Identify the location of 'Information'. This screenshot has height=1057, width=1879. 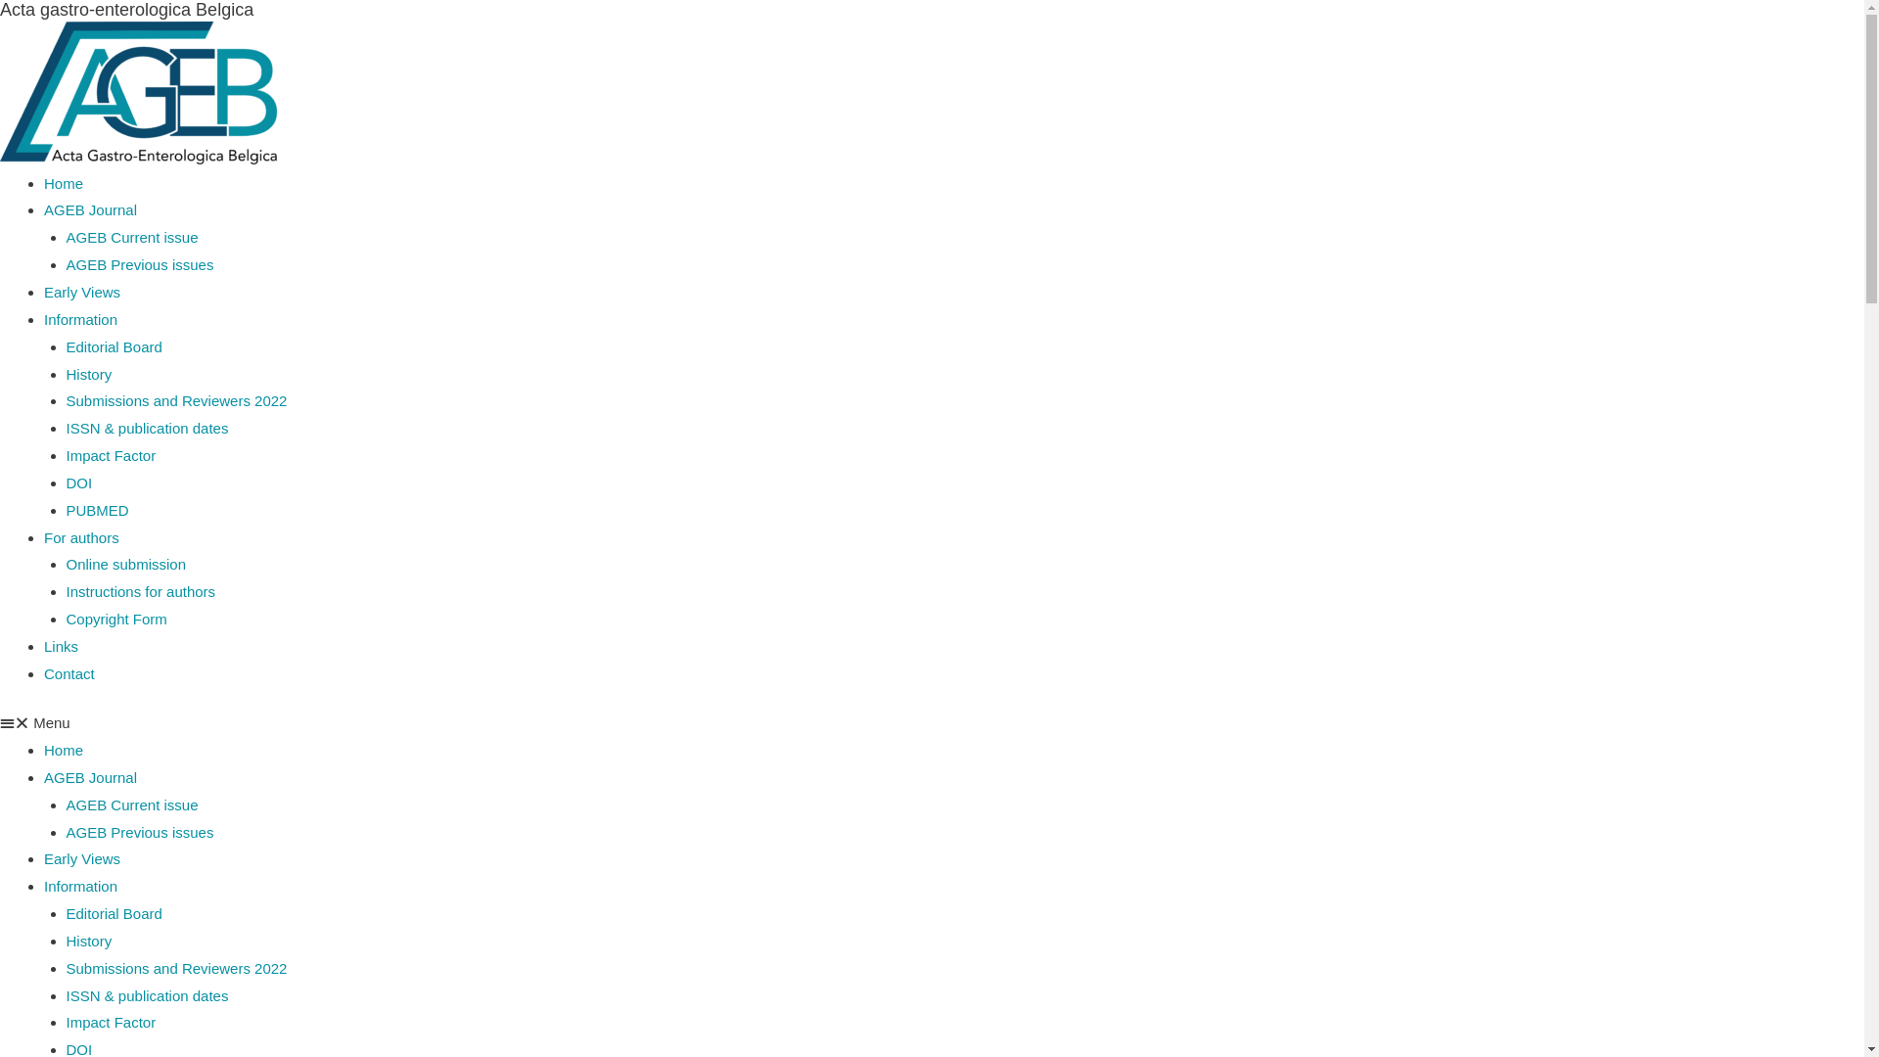
(79, 886).